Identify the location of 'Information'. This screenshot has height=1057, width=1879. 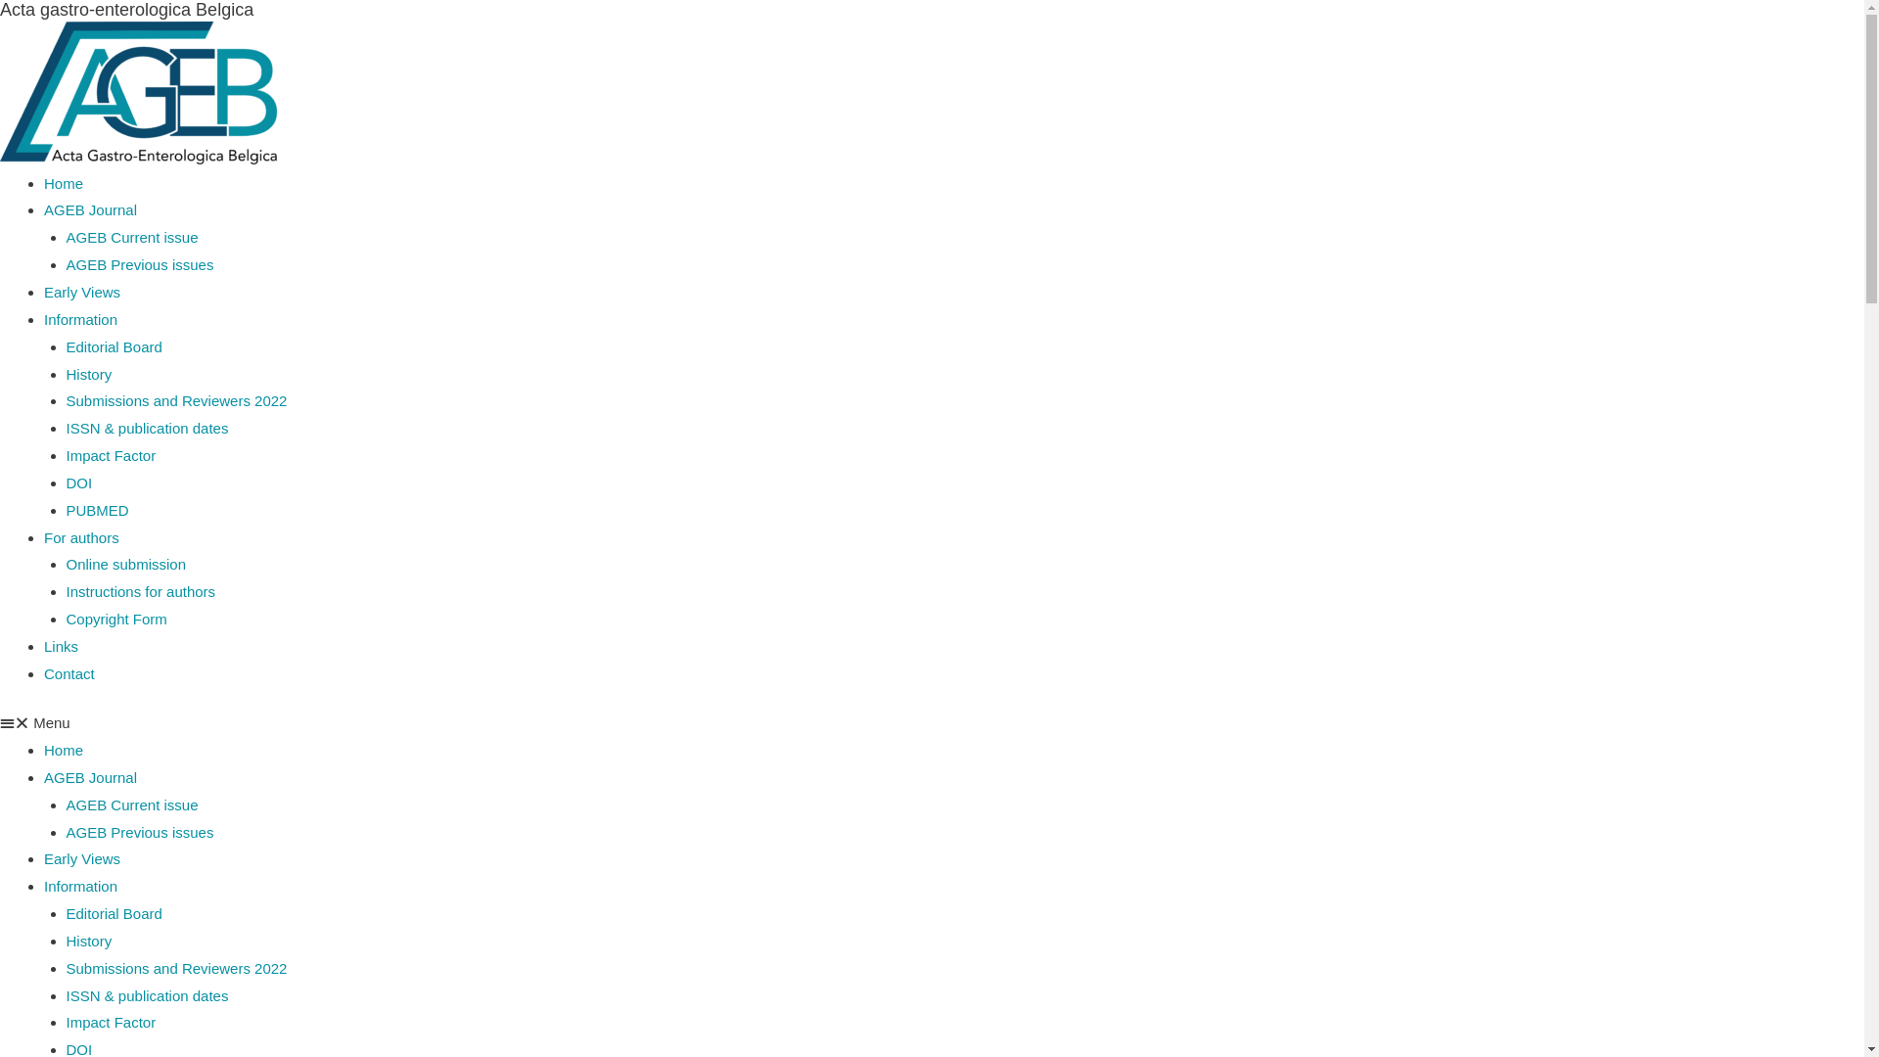
(79, 886).